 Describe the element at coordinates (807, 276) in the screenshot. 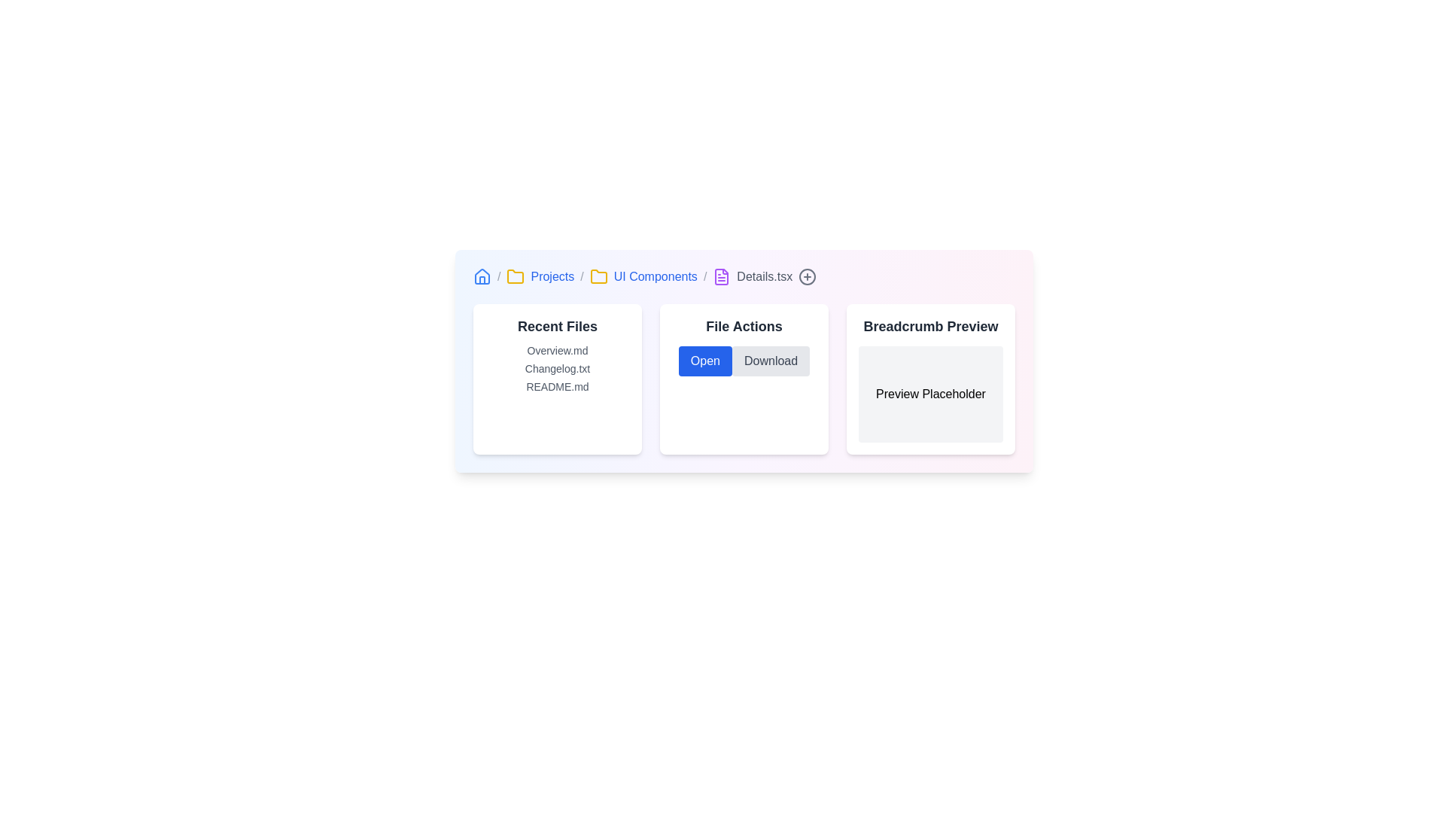

I see `the SVG Circle element that is part of the 'Add New' button in the header navigation bar` at that location.